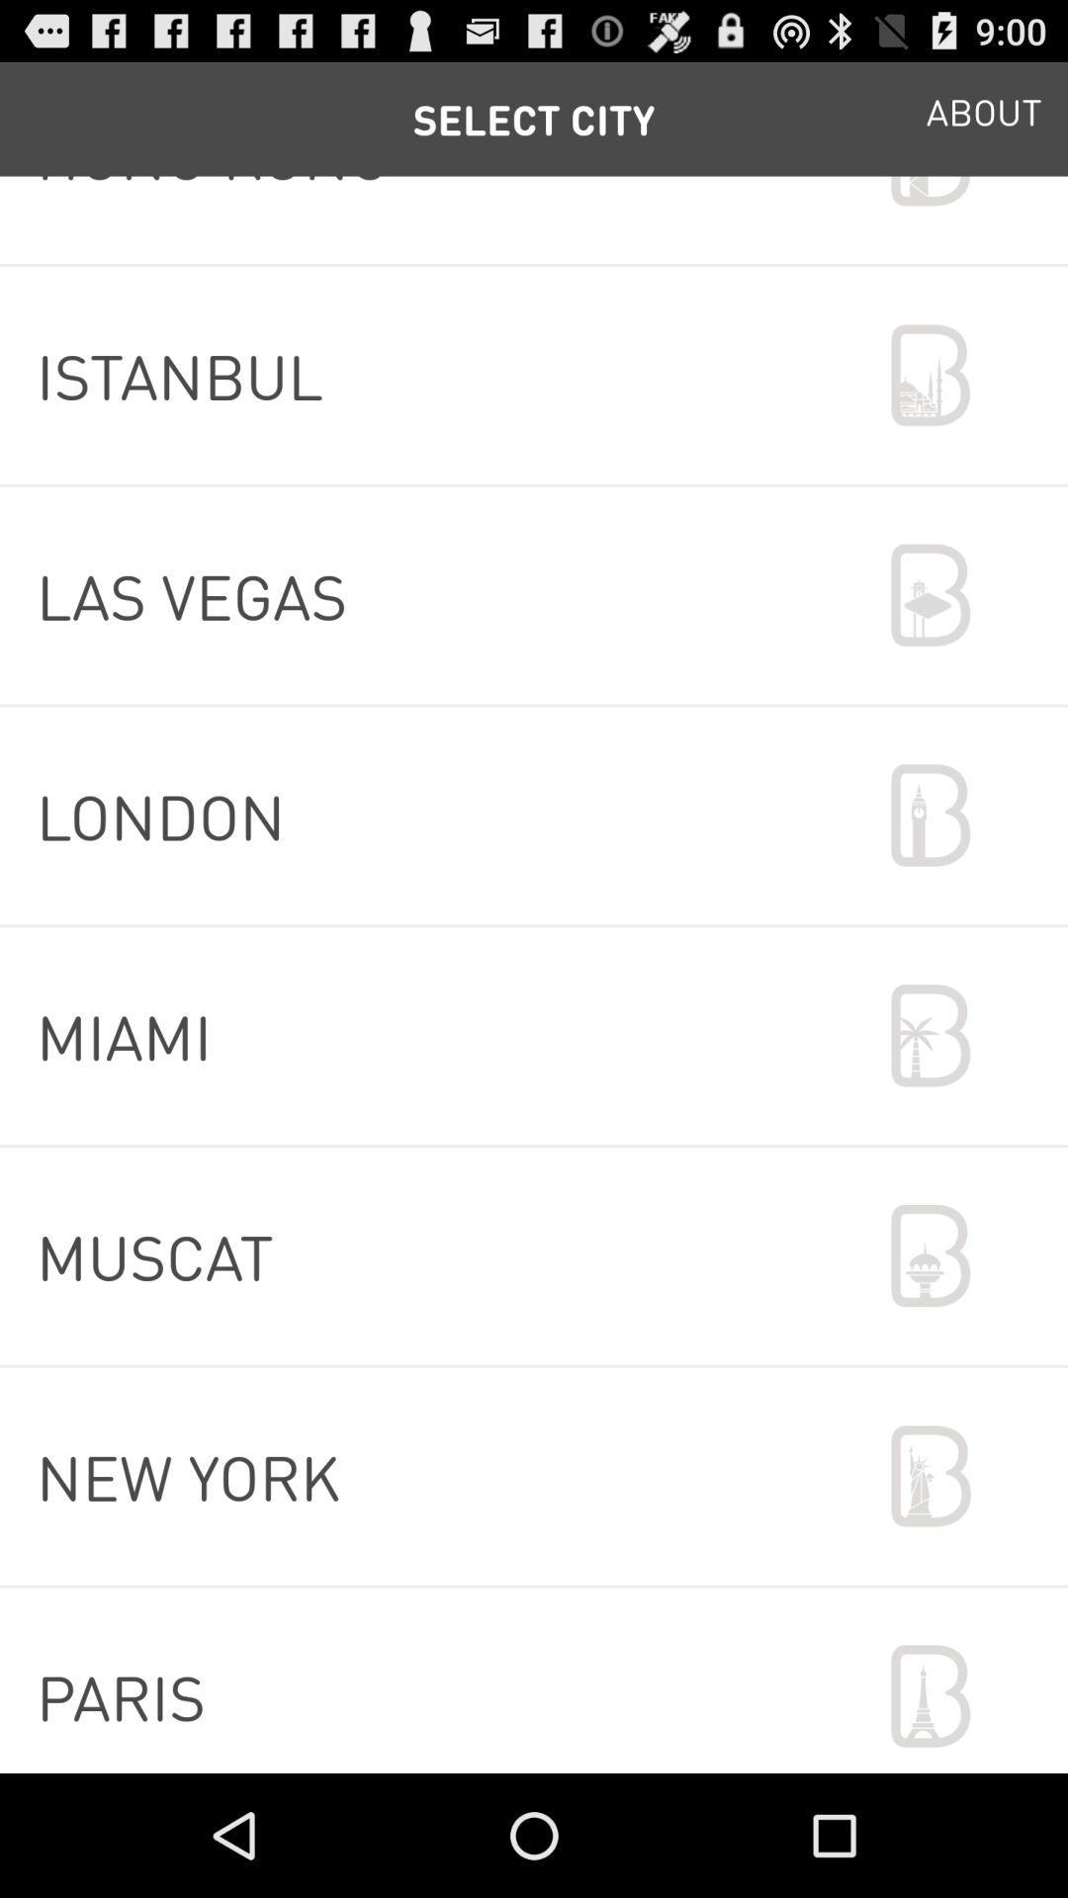  What do you see at coordinates (984, 118) in the screenshot?
I see `the item above hong kong icon` at bounding box center [984, 118].